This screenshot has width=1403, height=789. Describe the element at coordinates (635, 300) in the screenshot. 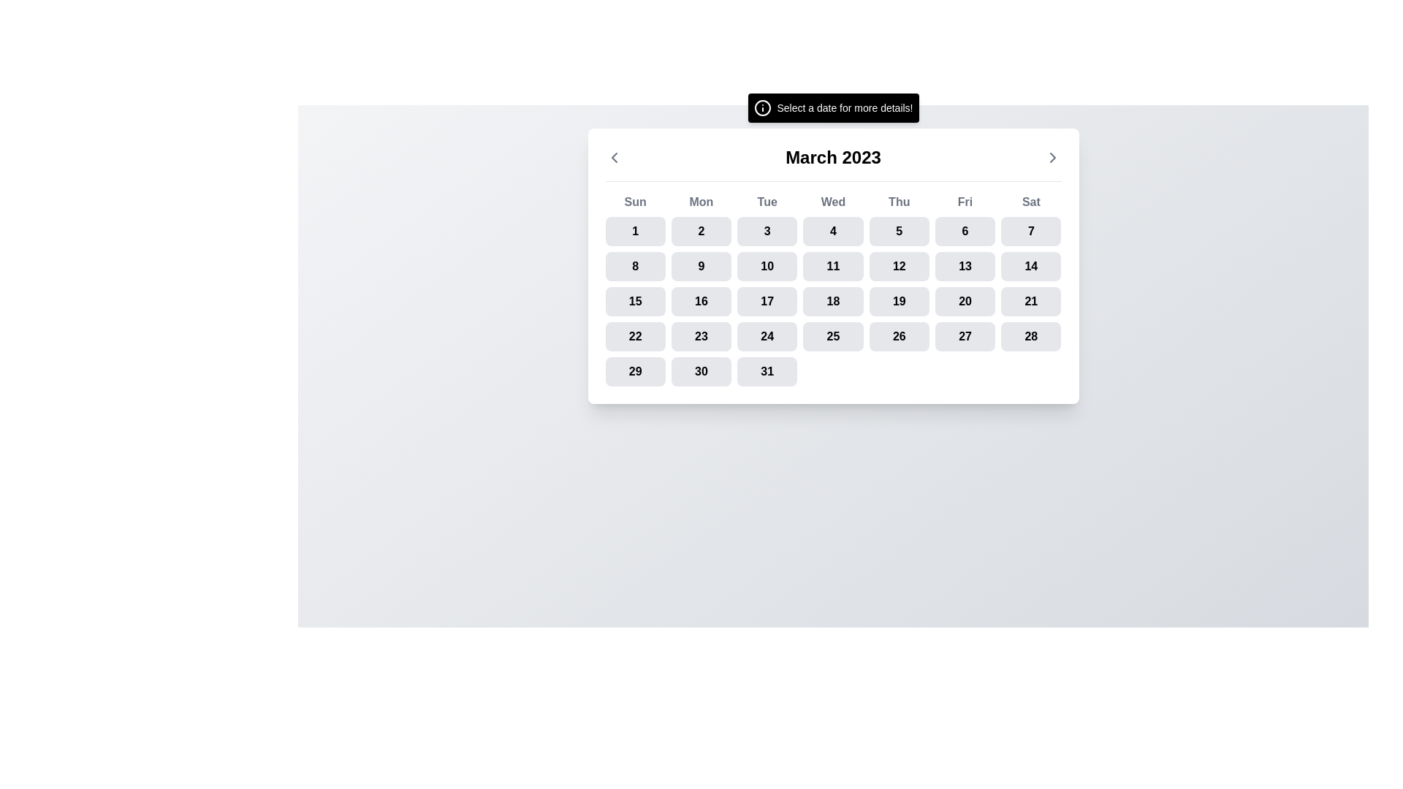

I see `the small rectangular gray button with rounded corners labeled '15'` at that location.